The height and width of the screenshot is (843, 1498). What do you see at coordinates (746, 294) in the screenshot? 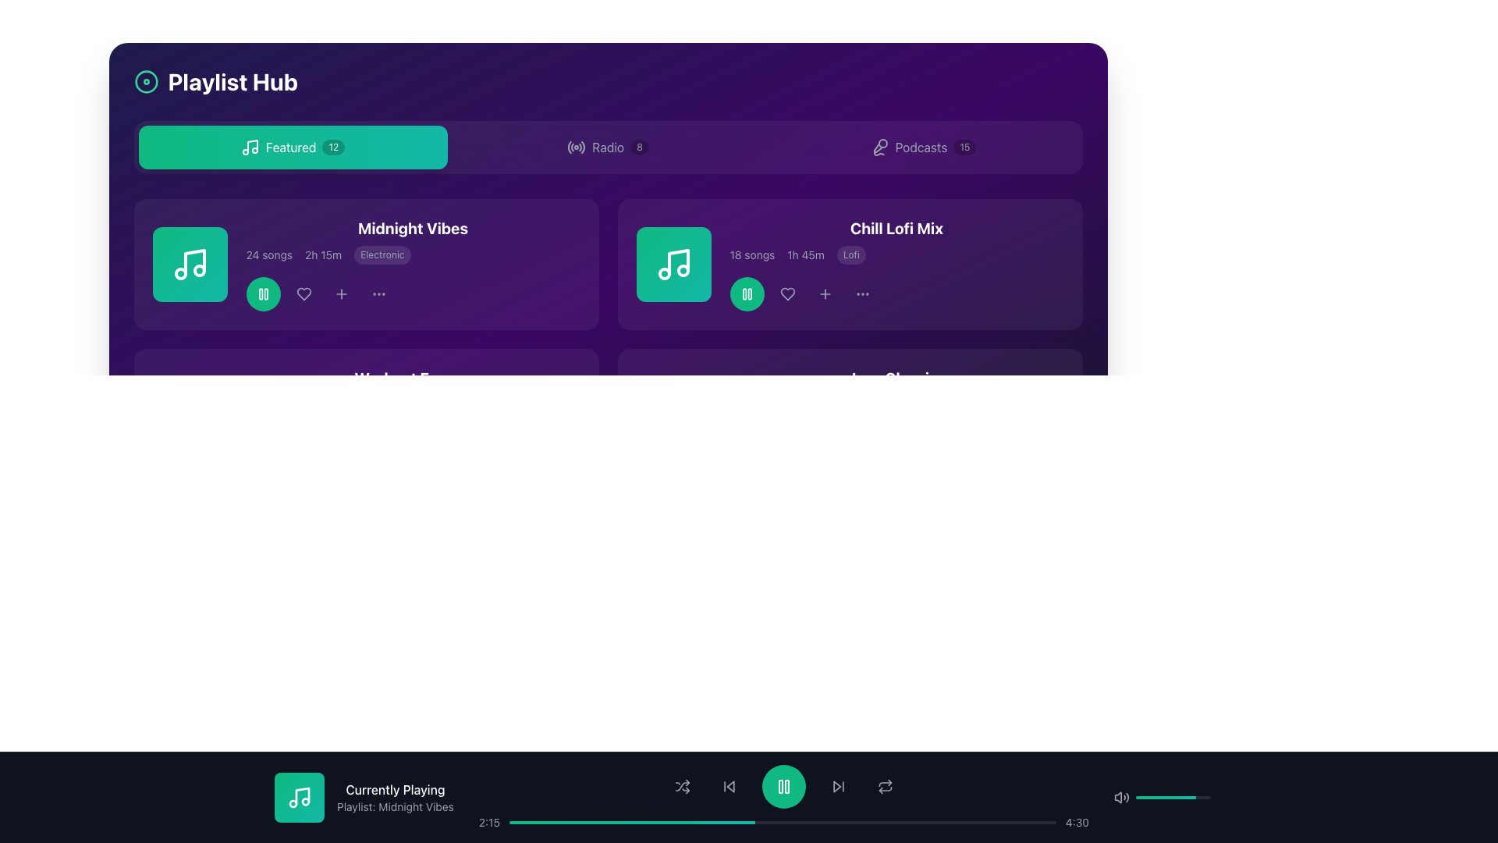
I see `the play/pause button located in the footer of the 'Chill Lofi Mix' card` at bounding box center [746, 294].